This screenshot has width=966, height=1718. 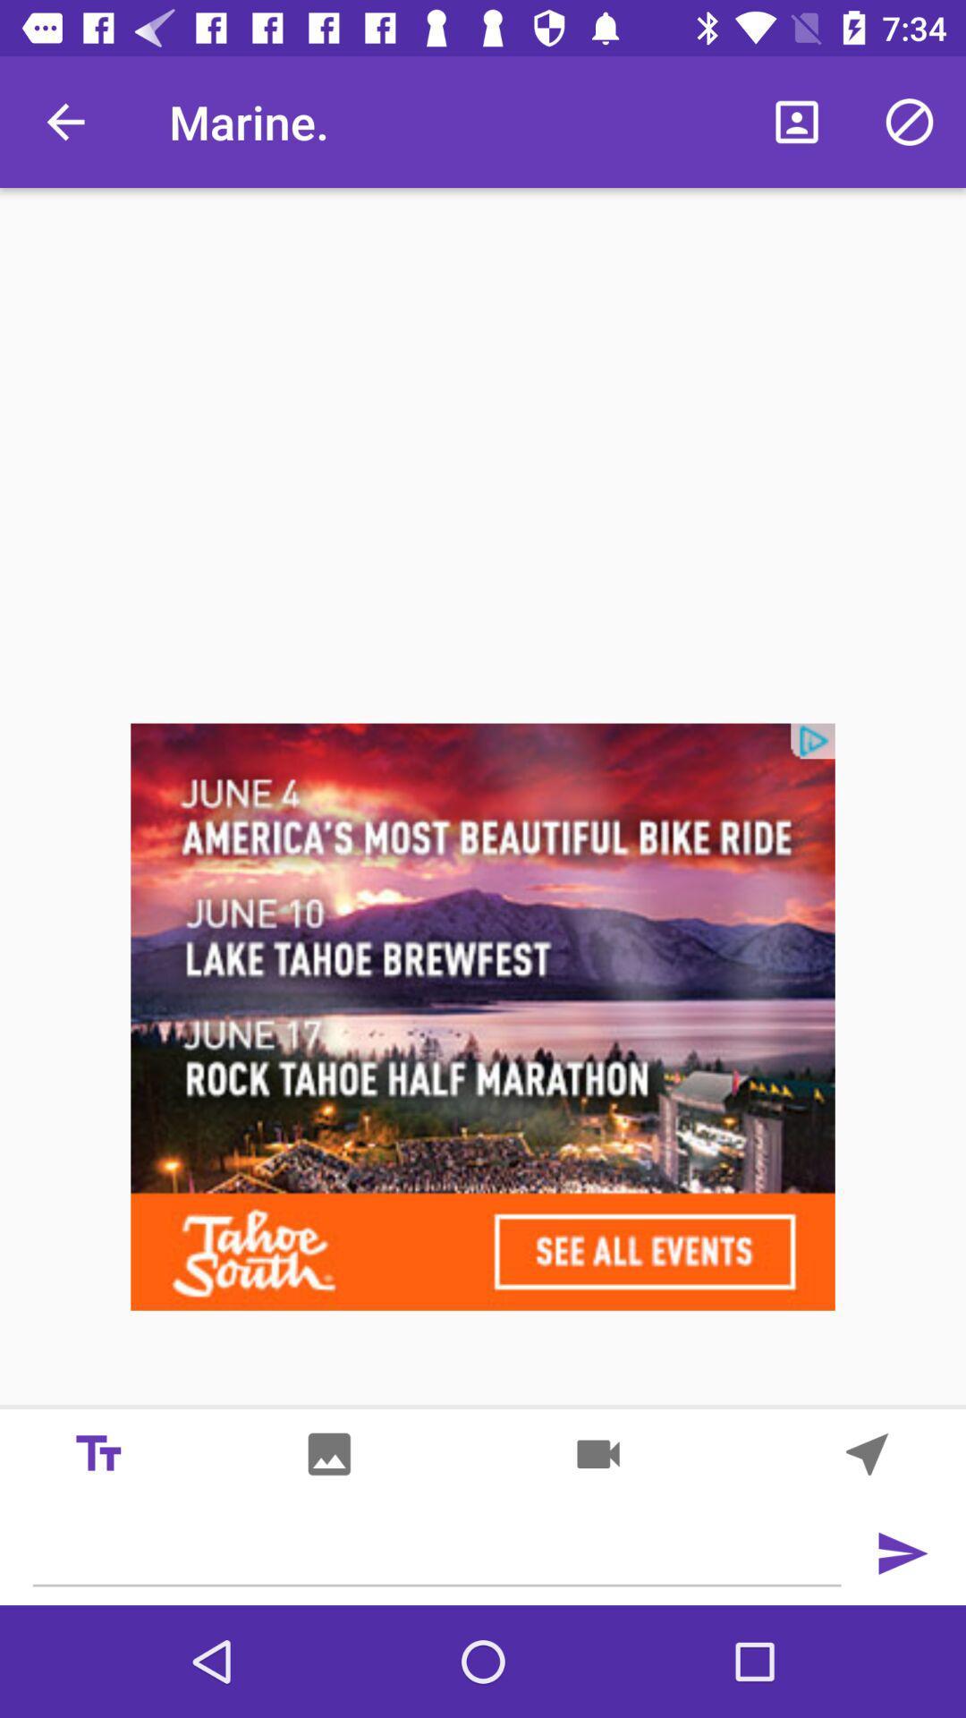 I want to click on the font icon, so click(x=98, y=1454).